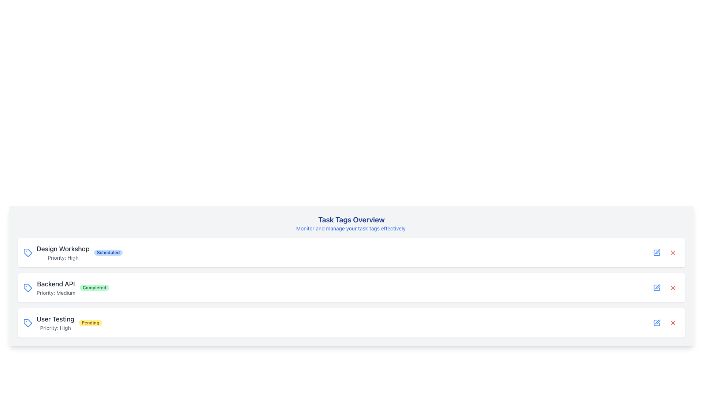  Describe the element at coordinates (657, 323) in the screenshot. I see `the Edit Icon located at the far-right corner of the bottom-most listed item` at that location.